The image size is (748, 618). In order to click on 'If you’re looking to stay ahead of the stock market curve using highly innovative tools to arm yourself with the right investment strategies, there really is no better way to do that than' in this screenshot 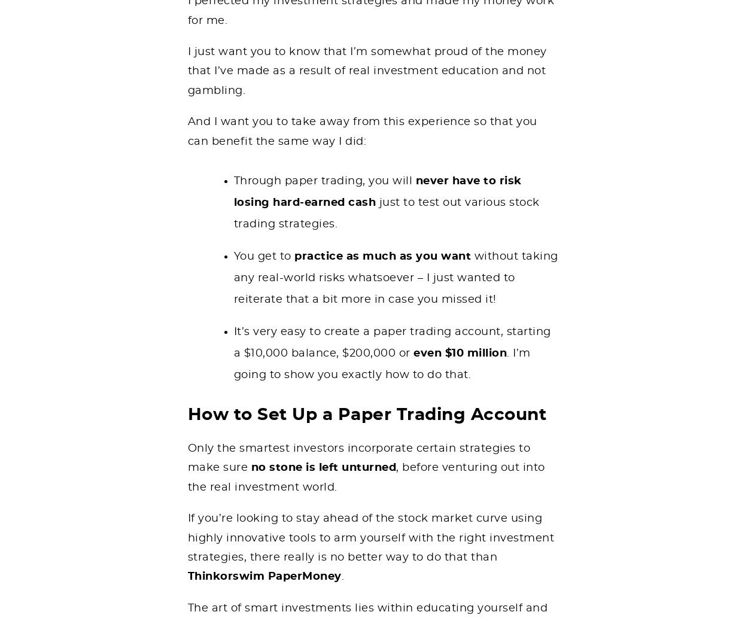, I will do `click(370, 537)`.